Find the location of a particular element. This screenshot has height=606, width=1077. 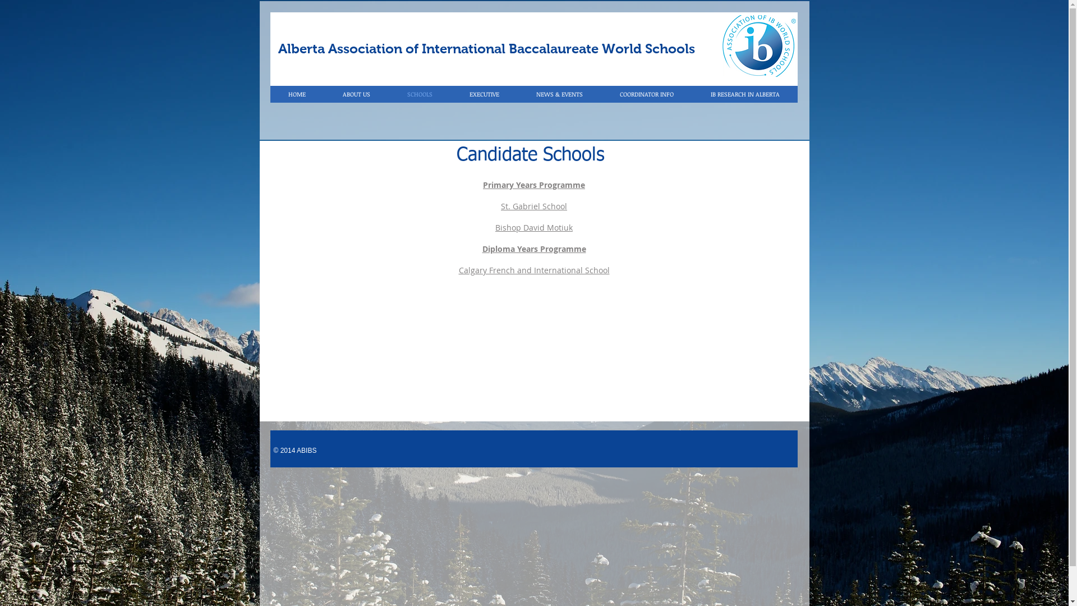

'SCHOOLS' is located at coordinates (418, 94).